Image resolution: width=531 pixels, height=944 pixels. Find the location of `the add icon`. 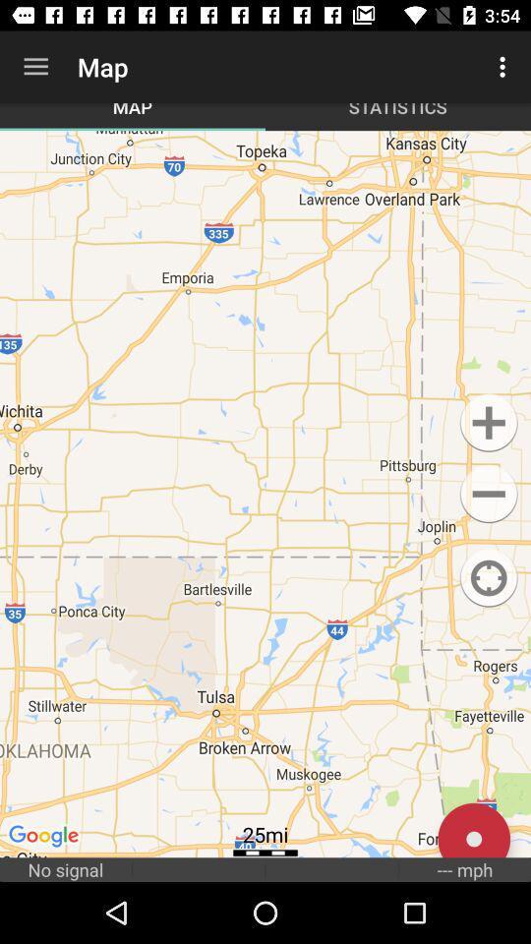

the add icon is located at coordinates (488, 423).